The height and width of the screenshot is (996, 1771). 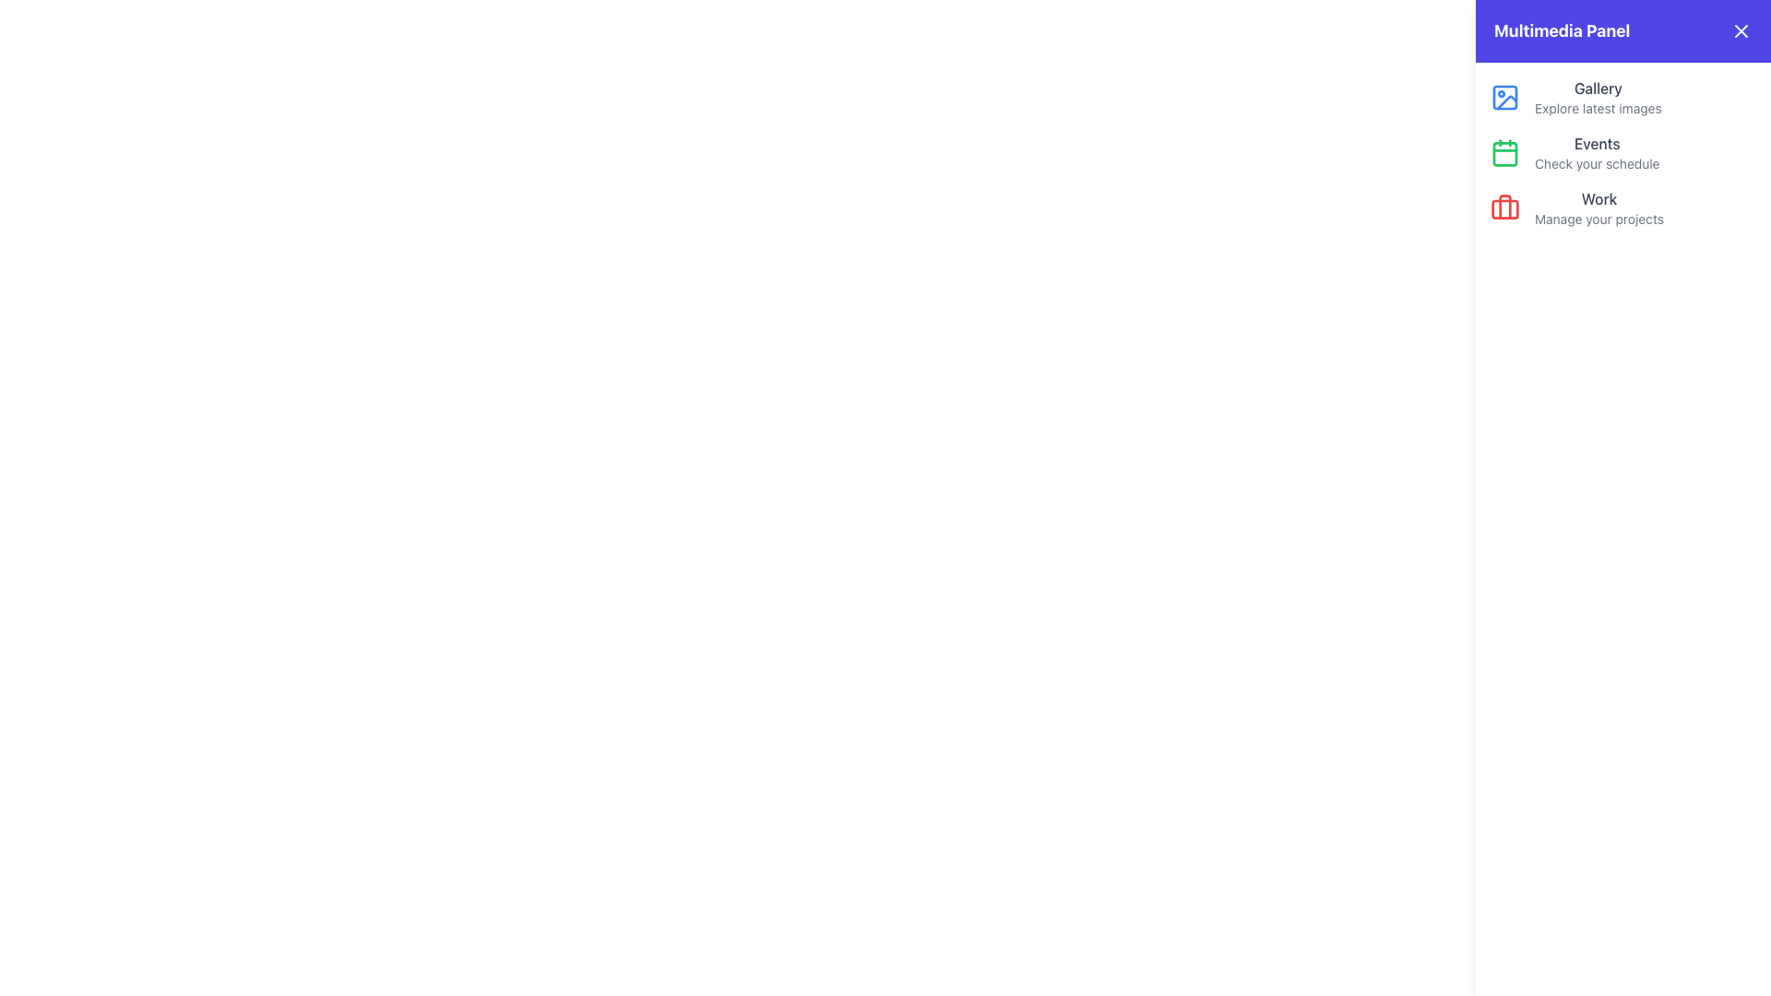 What do you see at coordinates (1596, 151) in the screenshot?
I see `the second item in the vertical sidebar menu, which is the Menu Option for accessing events and schedules, using keyboard navigation` at bounding box center [1596, 151].